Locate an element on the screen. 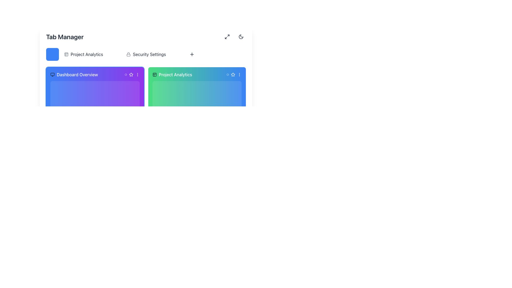 The image size is (512, 288). the ellipsis icon located in the upper-right corner of the 'Dashboard Overview' card within the icon group is located at coordinates (132, 75).